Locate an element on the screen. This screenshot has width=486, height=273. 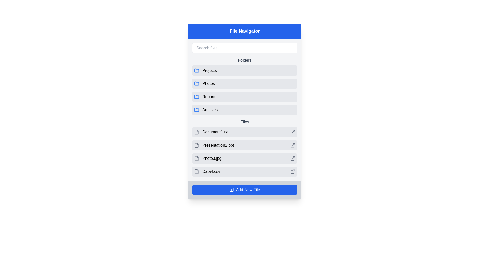
the text label displaying the filename 'Photo3.jpg' in the 'Files' section is located at coordinates (212, 158).